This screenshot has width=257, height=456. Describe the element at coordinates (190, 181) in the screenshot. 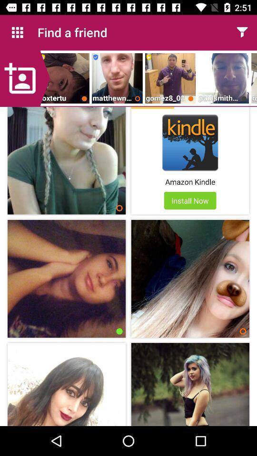

I see `amazon kindle icon` at that location.